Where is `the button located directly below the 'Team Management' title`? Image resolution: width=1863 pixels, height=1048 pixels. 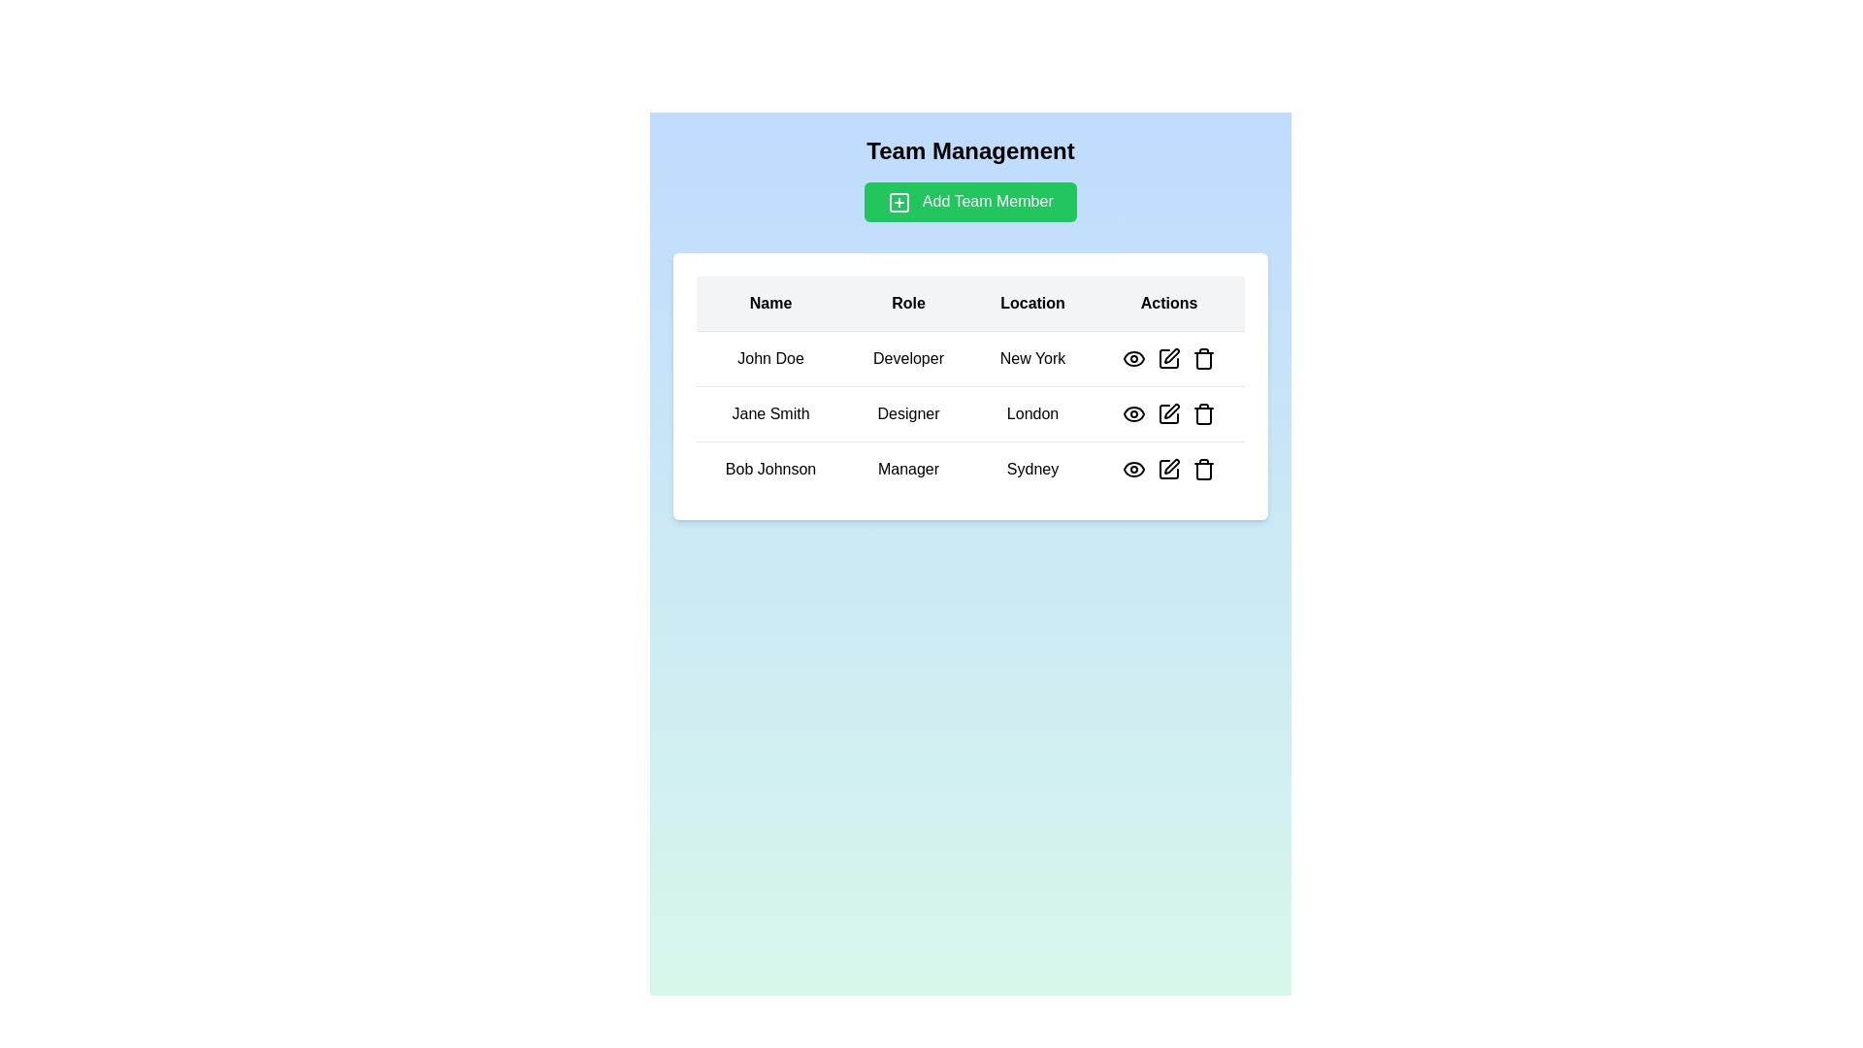 the button located directly below the 'Team Management' title is located at coordinates (970, 179).